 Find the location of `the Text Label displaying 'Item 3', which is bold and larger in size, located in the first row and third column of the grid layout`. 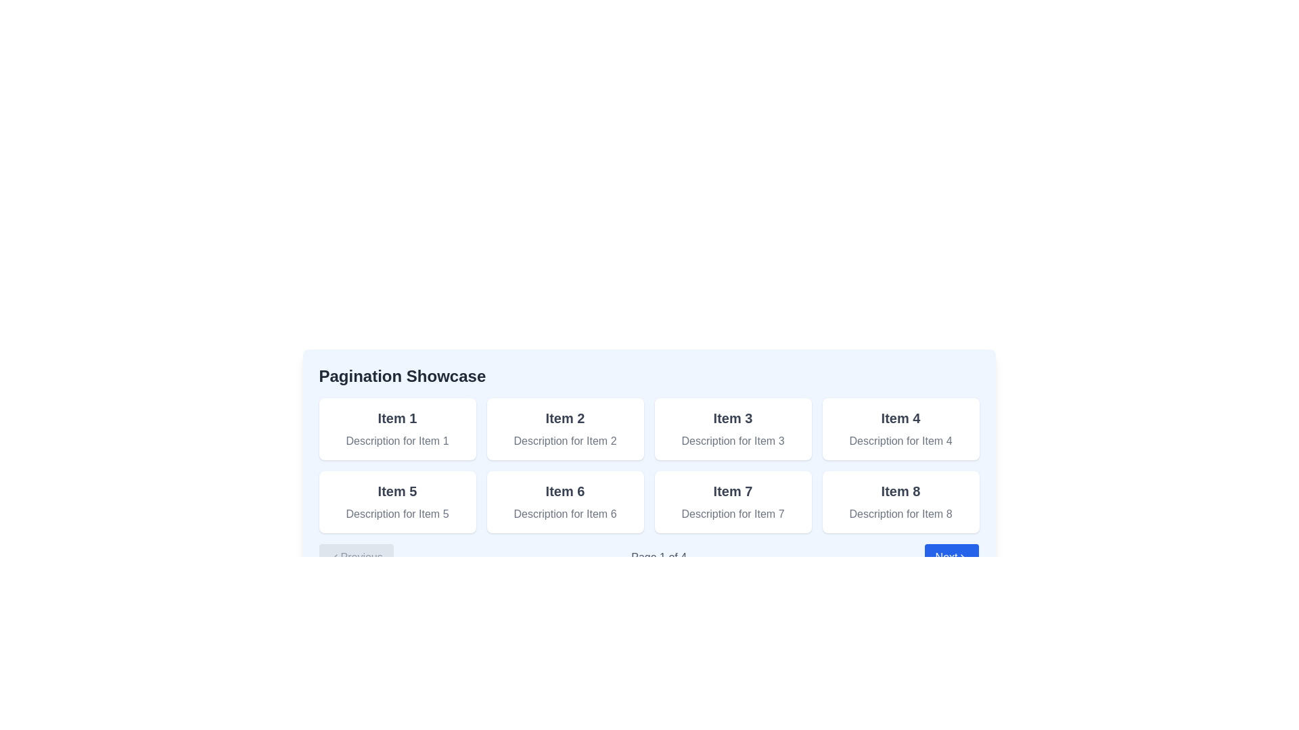

the Text Label displaying 'Item 3', which is bold and larger in size, located in the first row and third column of the grid layout is located at coordinates (732, 417).